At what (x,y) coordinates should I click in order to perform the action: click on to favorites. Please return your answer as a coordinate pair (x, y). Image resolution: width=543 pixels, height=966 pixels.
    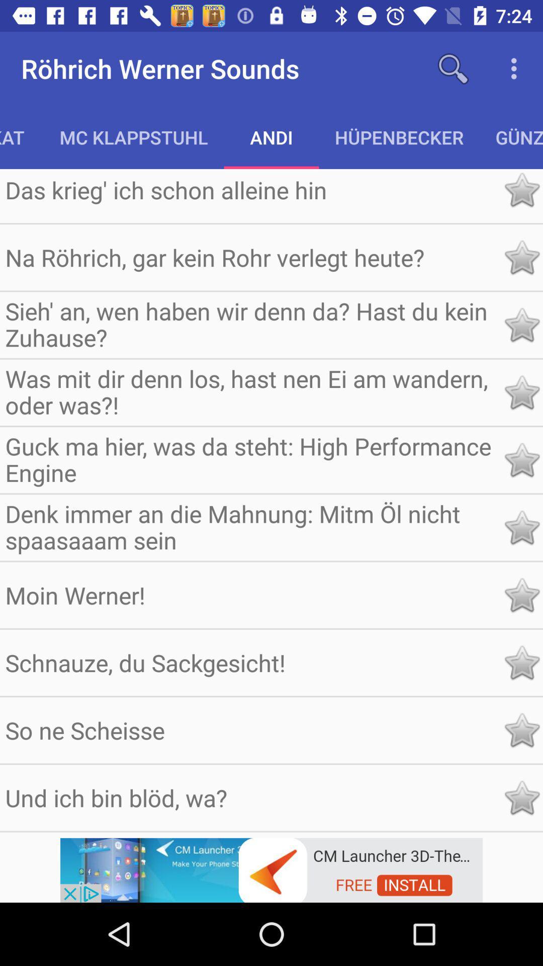
    Looking at the image, I should click on (521, 257).